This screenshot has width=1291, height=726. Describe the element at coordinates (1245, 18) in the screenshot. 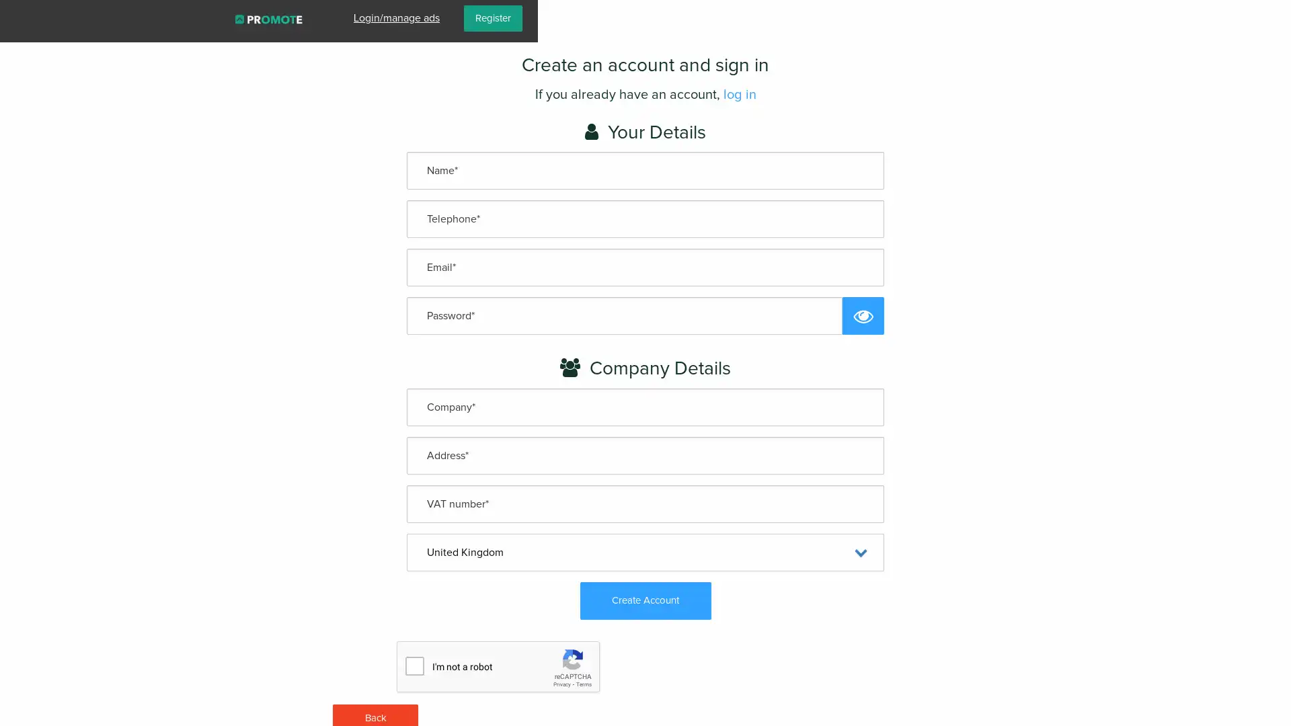

I see `Register` at that location.